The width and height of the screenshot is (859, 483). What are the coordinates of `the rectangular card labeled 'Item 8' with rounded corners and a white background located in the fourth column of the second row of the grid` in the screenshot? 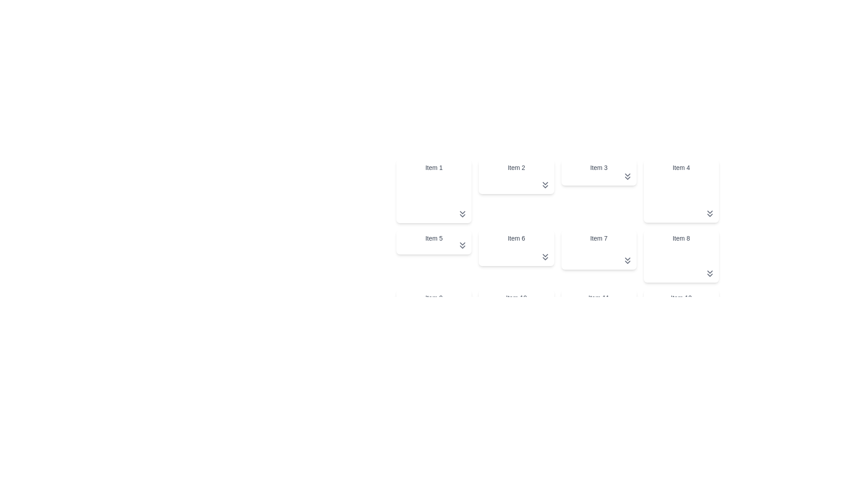 It's located at (680, 256).